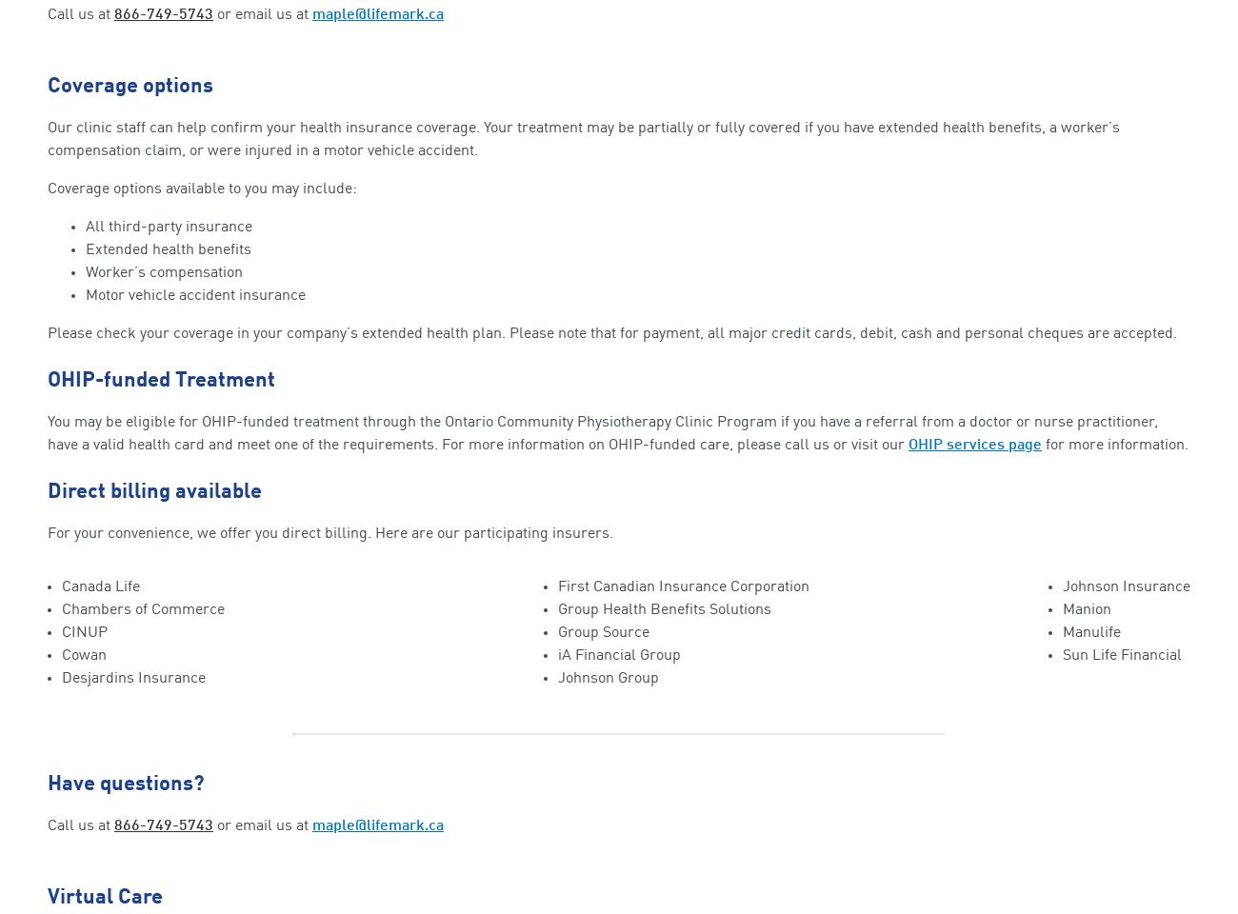  What do you see at coordinates (142, 608) in the screenshot?
I see `'Chambers of Commerce'` at bounding box center [142, 608].